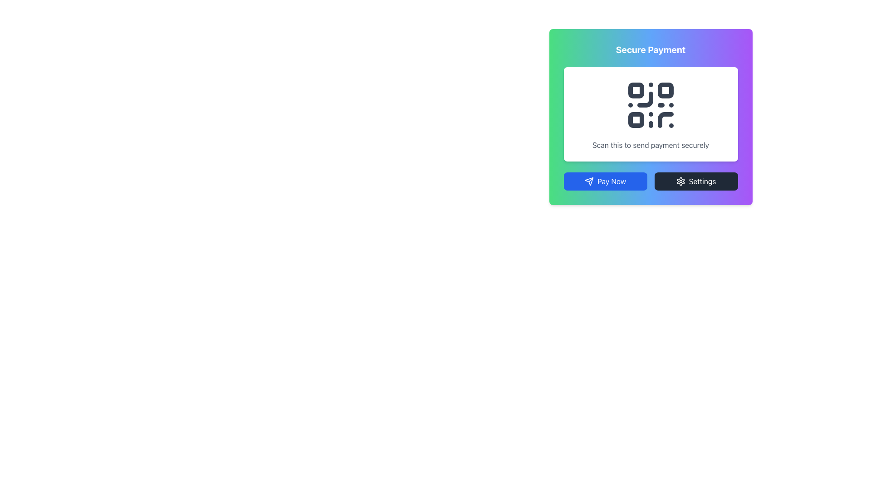  Describe the element at coordinates (665, 90) in the screenshot. I see `the small dark square with rounded corners located in the top-right section of the QR code graphic in the payment interface` at that location.